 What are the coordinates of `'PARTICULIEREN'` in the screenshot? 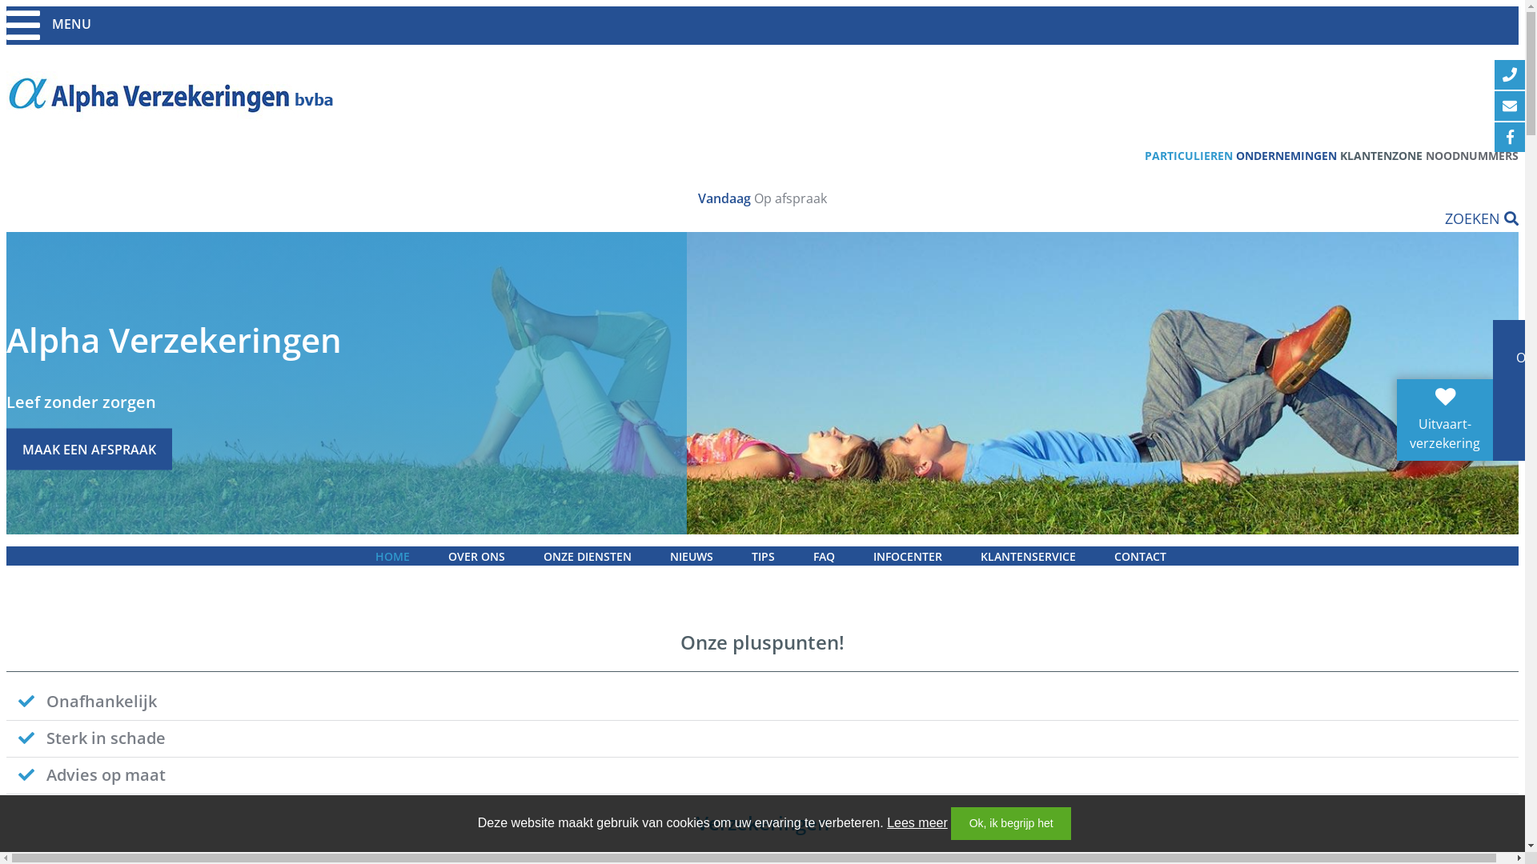 It's located at (1188, 155).